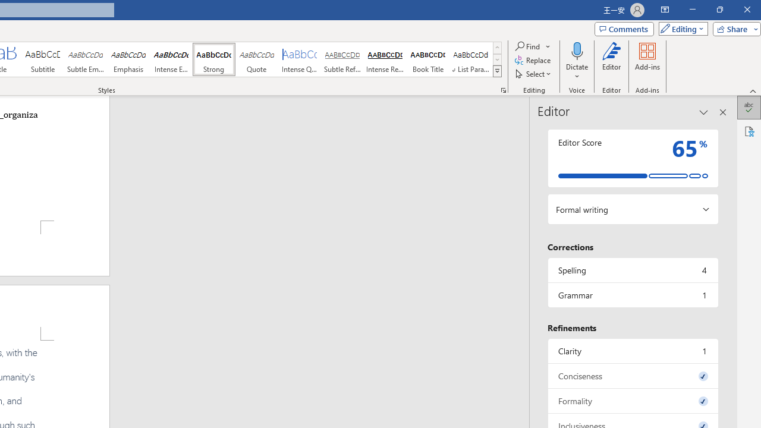 The width and height of the screenshot is (761, 428). Describe the element at coordinates (300, 59) in the screenshot. I see `'Intense Quote'` at that location.